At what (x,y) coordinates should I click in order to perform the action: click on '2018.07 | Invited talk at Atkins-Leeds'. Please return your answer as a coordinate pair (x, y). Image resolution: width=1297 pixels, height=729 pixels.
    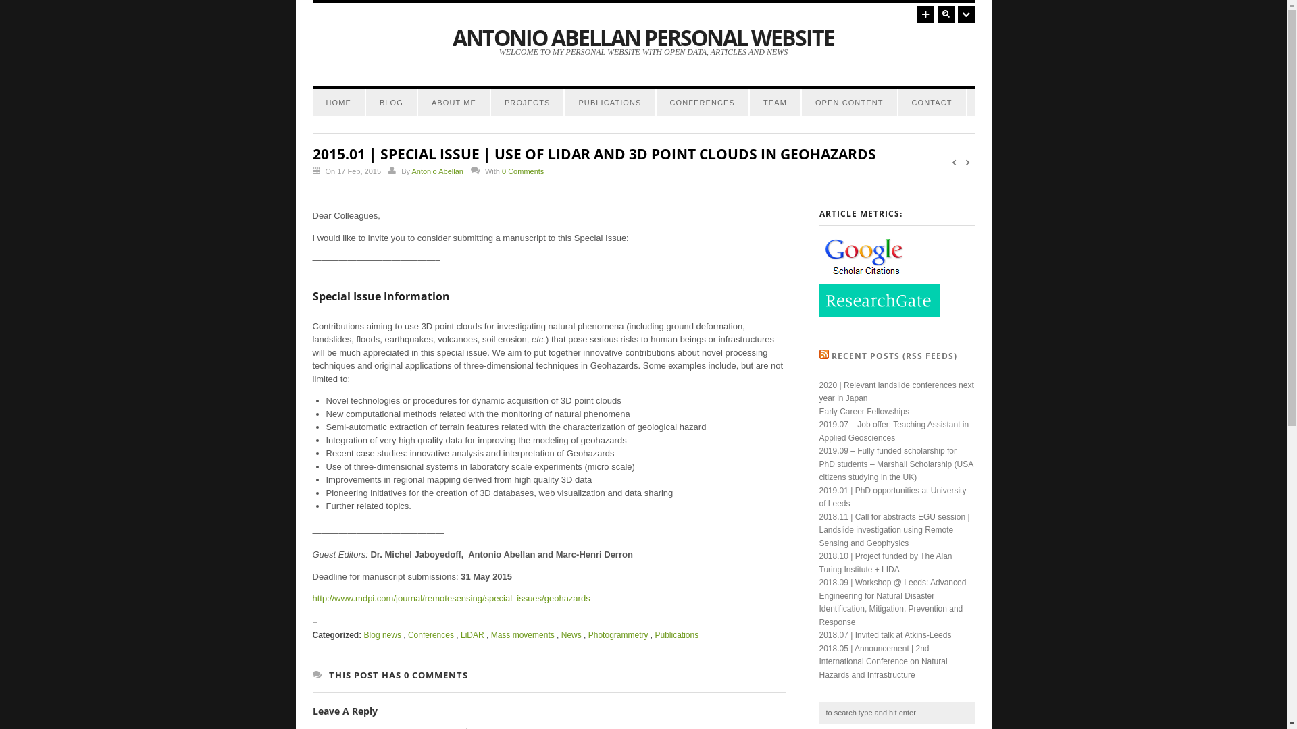
    Looking at the image, I should click on (885, 635).